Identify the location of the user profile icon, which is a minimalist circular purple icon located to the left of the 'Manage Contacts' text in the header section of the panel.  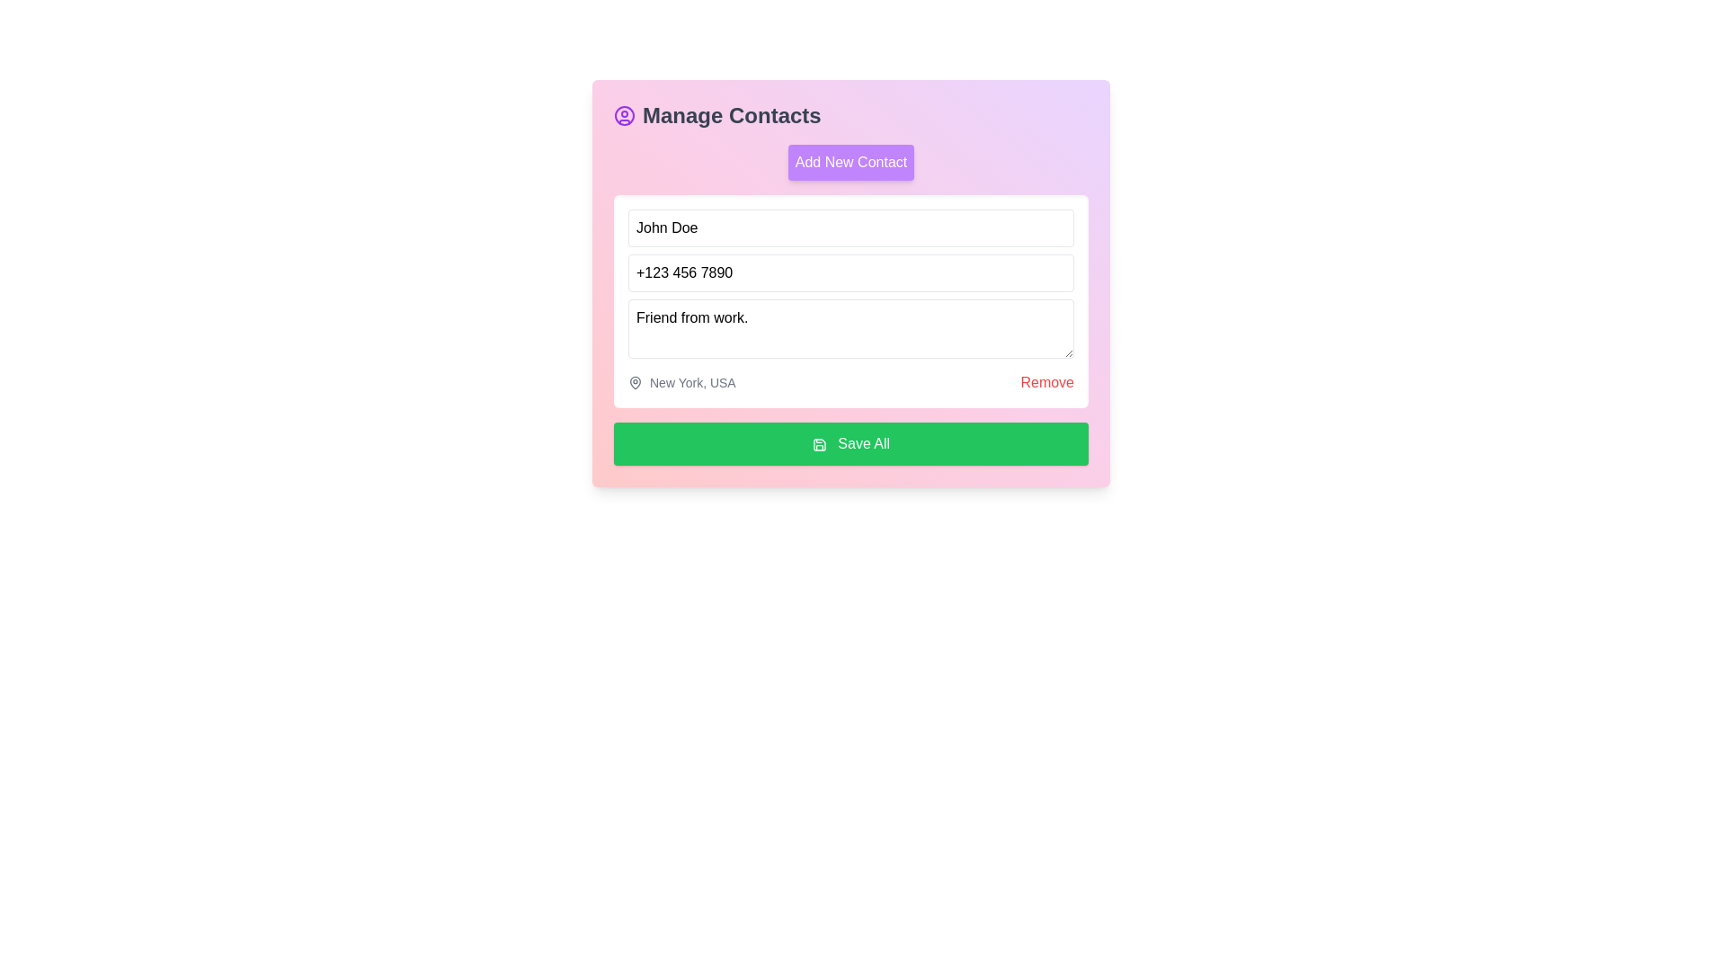
(625, 115).